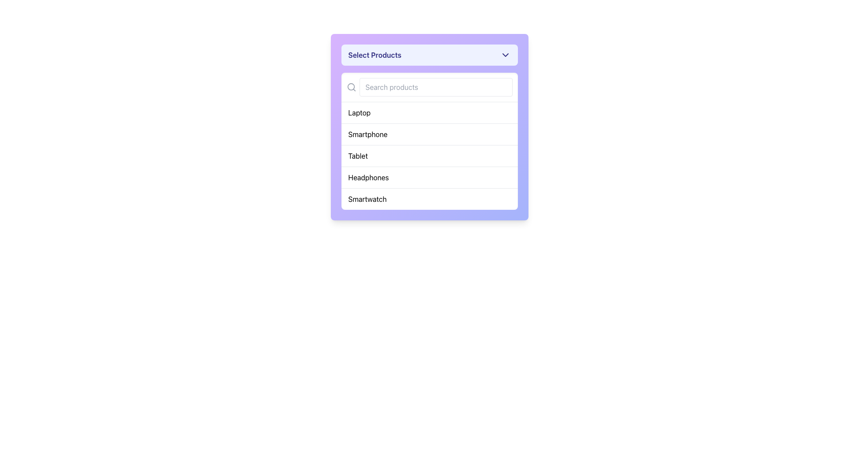 The image size is (847, 476). What do you see at coordinates (368, 177) in the screenshot?
I see `the text label displaying 'Headphones' in the dropdown menu labeled 'Select Products'` at bounding box center [368, 177].